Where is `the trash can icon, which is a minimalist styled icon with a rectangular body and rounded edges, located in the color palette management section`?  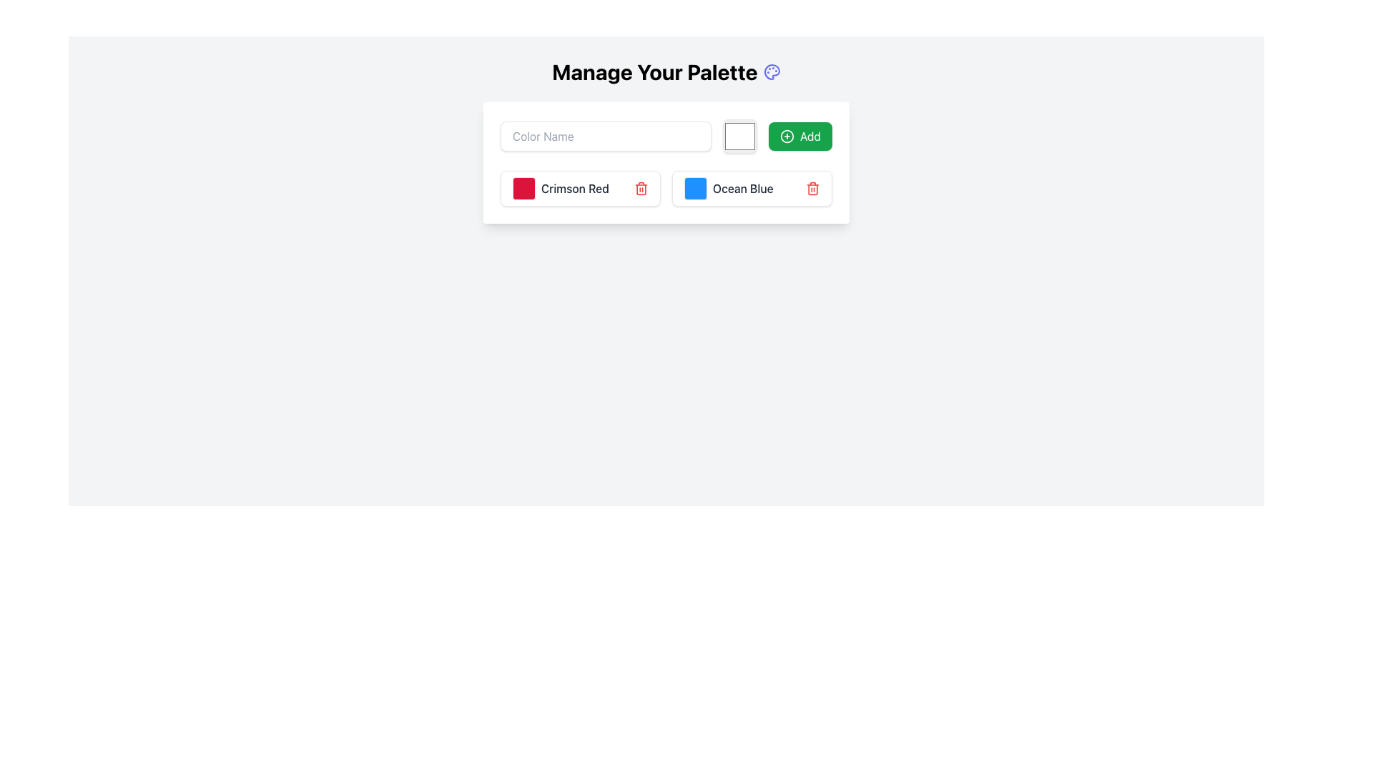 the trash can icon, which is a minimalist styled icon with a rectangular body and rounded edges, located in the color palette management section is located at coordinates (813, 189).